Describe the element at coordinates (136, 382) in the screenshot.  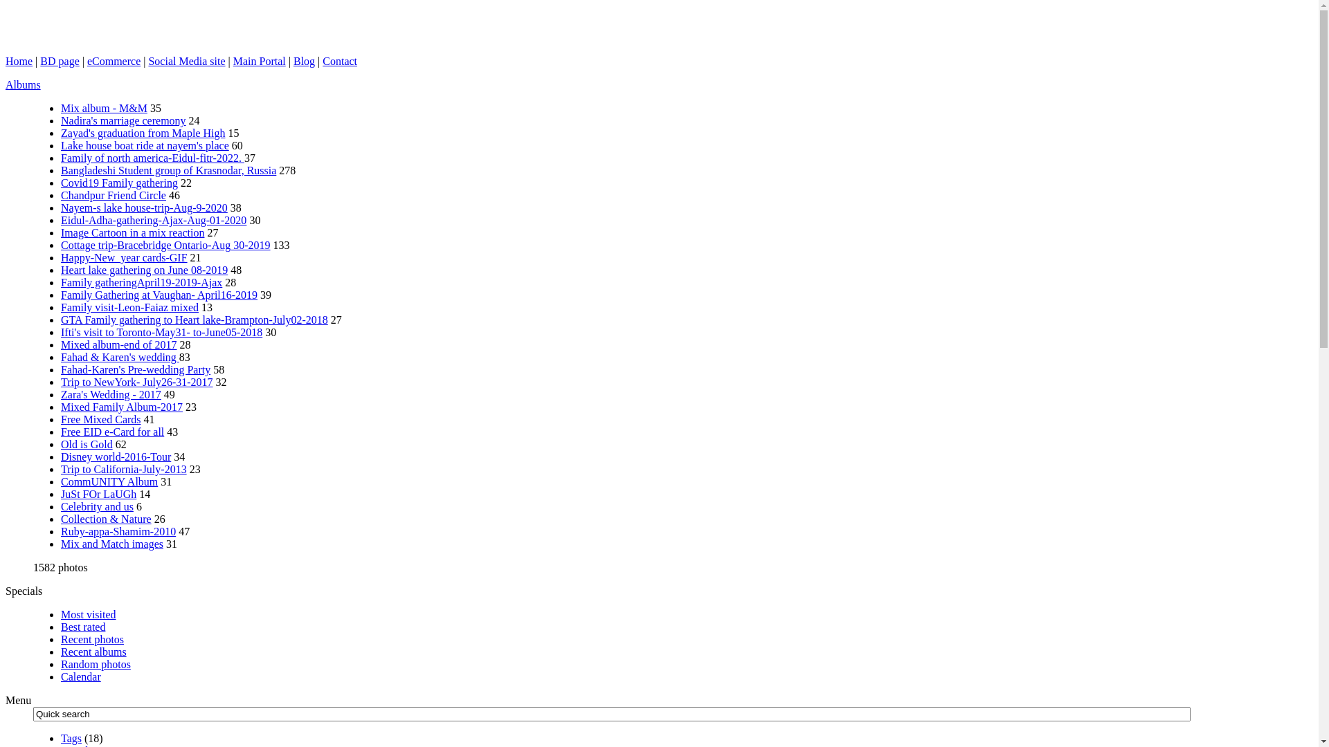
I see `'Trip to NewYork- July26-31-2017'` at that location.